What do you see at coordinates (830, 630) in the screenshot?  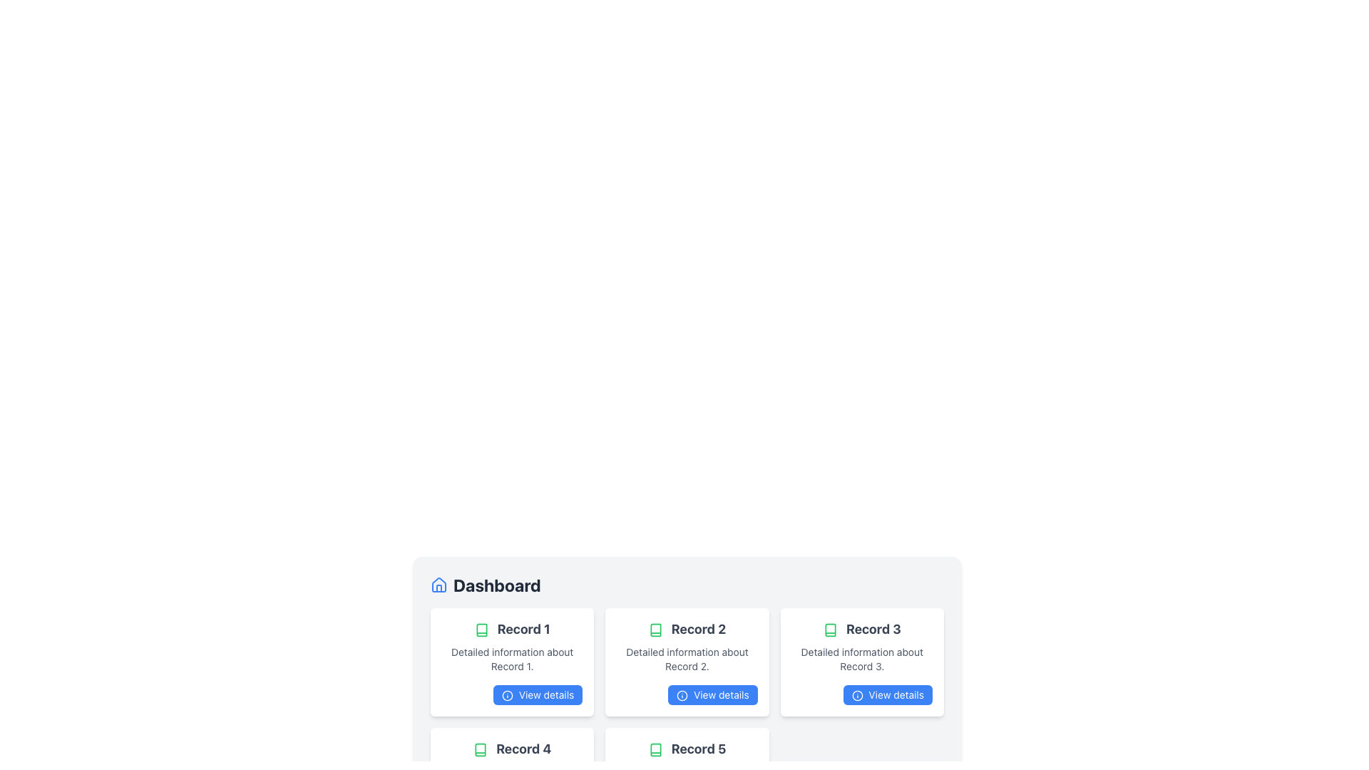 I see `the icon that visually represents the content of the 'Record 3' section, located to the left of the text 'Record 3'` at bounding box center [830, 630].